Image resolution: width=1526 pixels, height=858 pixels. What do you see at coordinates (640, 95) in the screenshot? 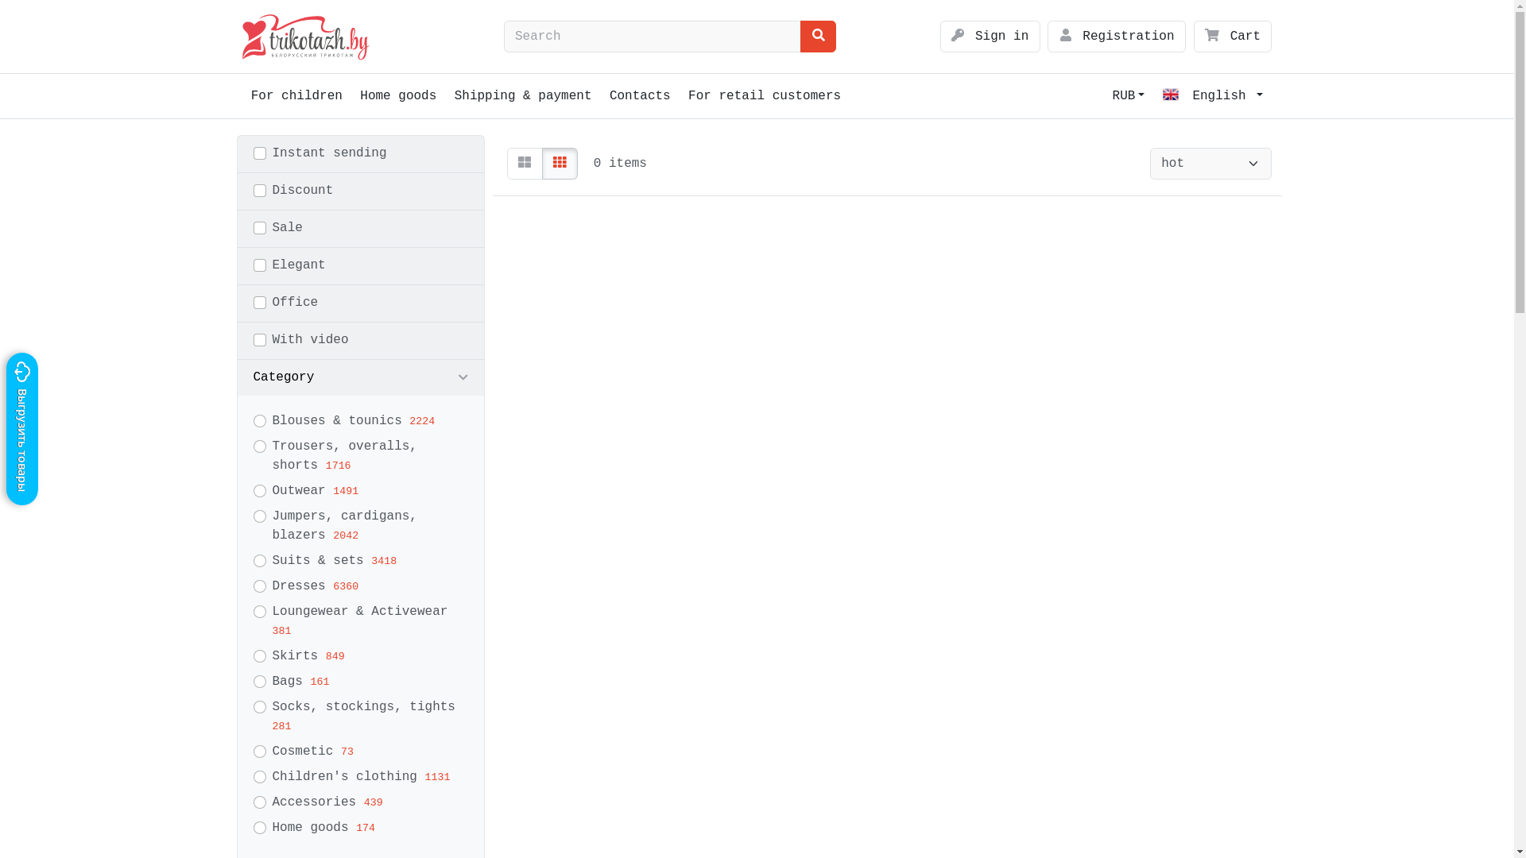
I see `'Contacts'` at bounding box center [640, 95].